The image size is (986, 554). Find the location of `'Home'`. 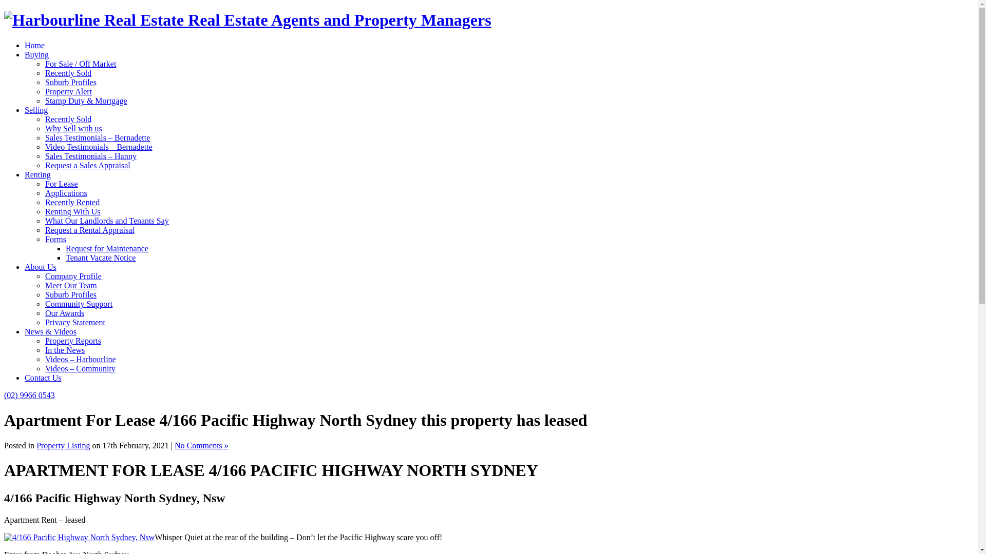

'Home' is located at coordinates (34, 45).